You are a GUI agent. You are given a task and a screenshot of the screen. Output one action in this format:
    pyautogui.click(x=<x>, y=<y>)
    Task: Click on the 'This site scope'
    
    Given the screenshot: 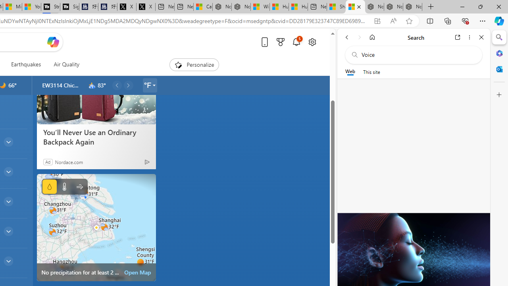 What is the action you would take?
    pyautogui.click(x=371, y=71)
    